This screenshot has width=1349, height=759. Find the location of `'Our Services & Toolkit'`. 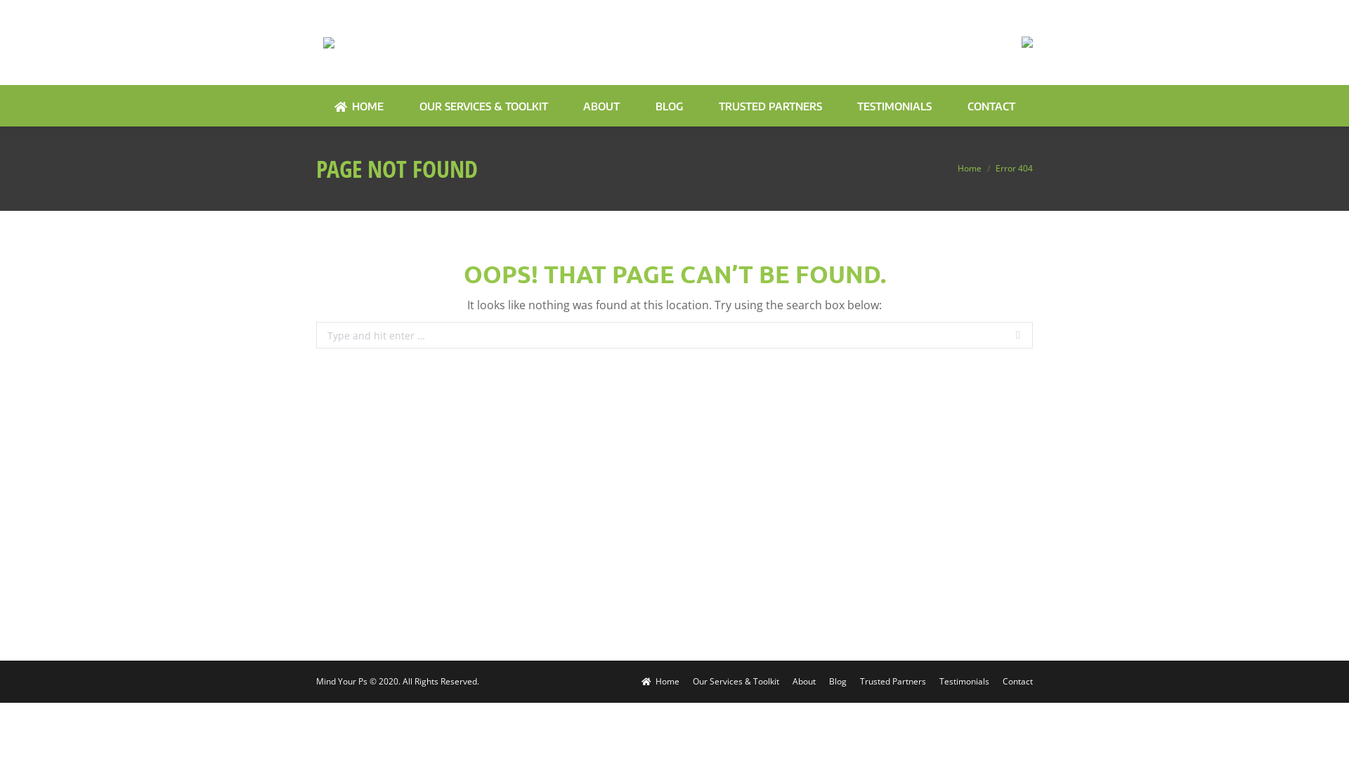

'Our Services & Toolkit' is located at coordinates (735, 680).